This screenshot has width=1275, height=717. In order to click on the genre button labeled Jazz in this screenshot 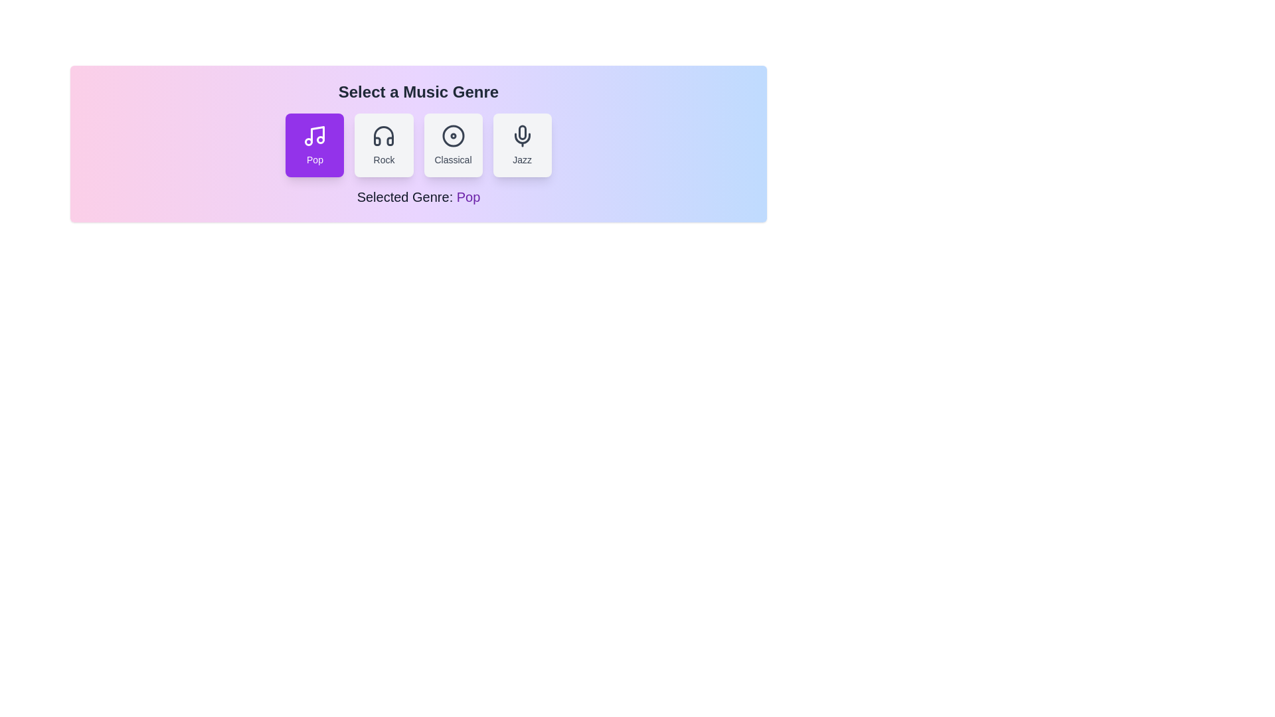, I will do `click(521, 145)`.